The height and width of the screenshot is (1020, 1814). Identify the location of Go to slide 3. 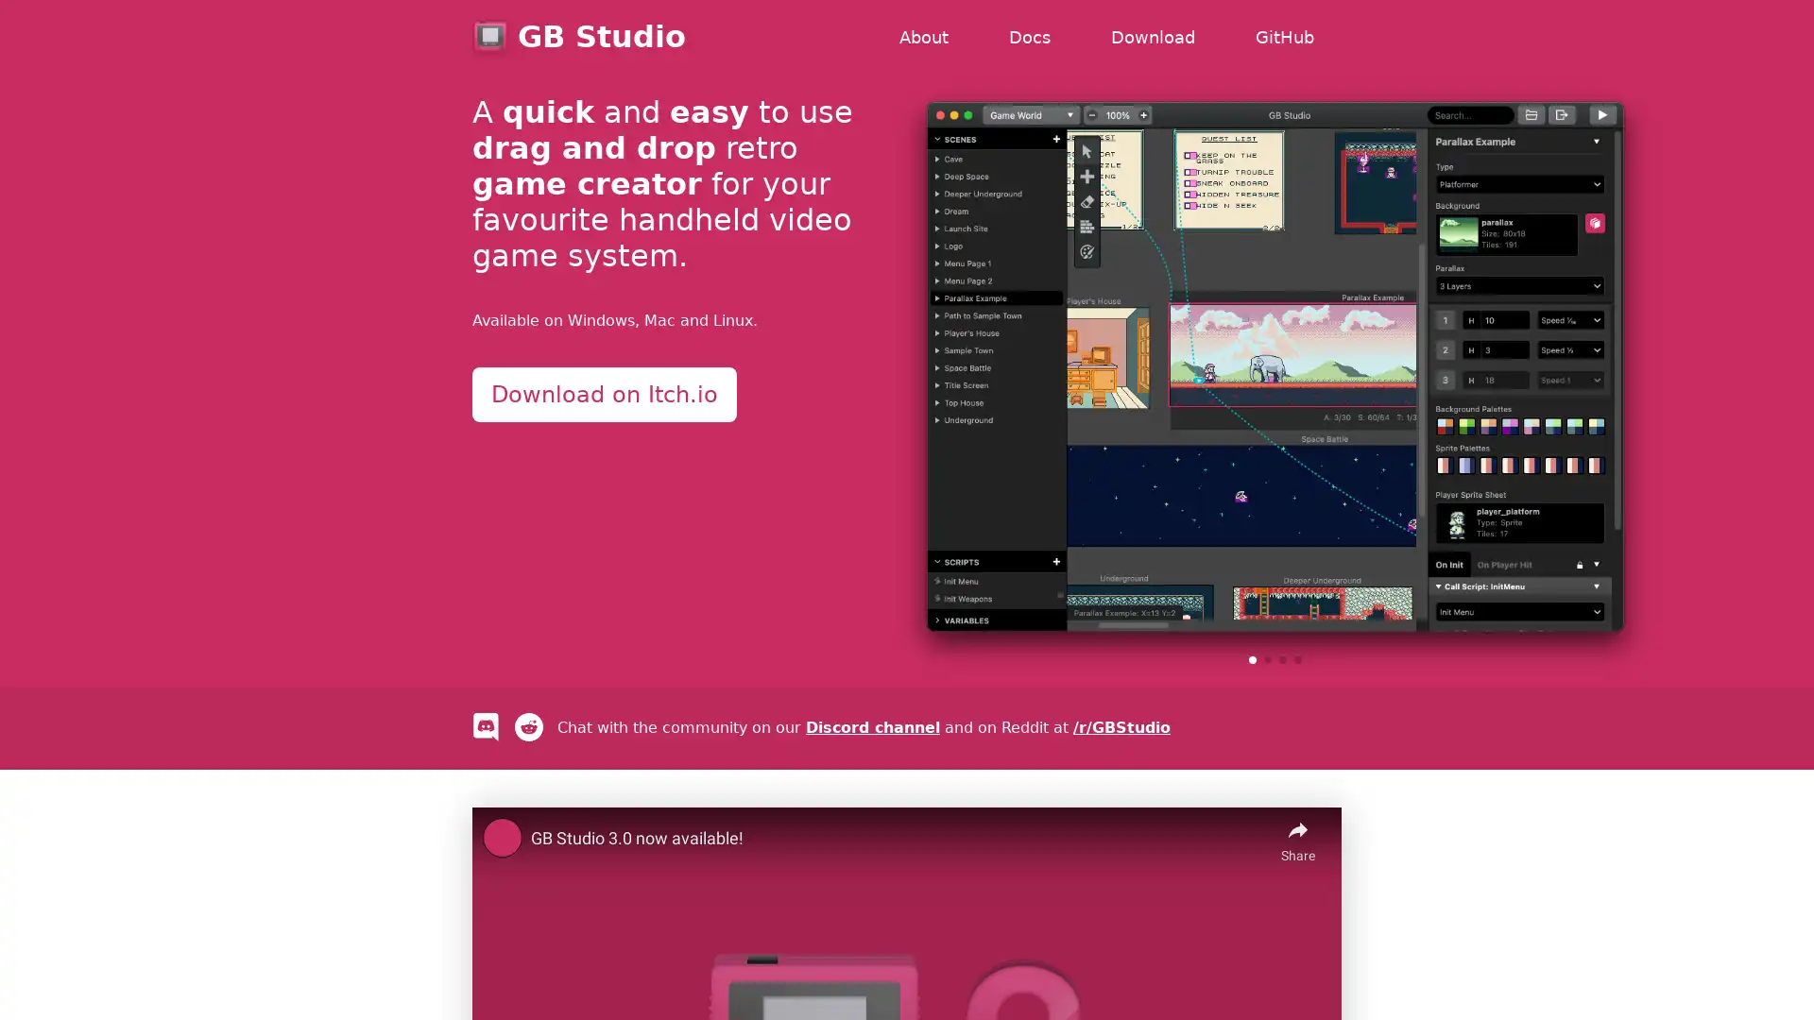
(1283, 658).